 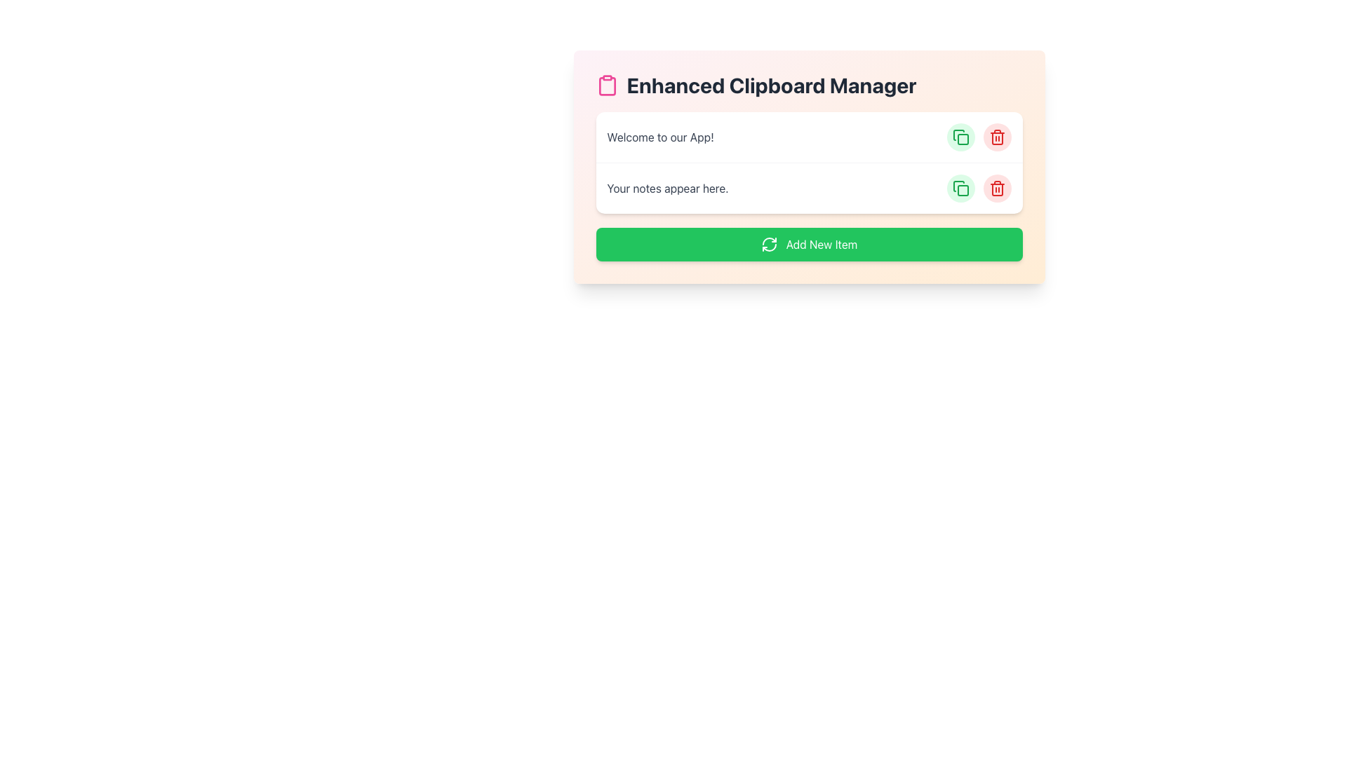 I want to click on the 'Copy' icon located to the right of the text 'Welcome to our App!' within the green circular button, so click(x=960, y=188).